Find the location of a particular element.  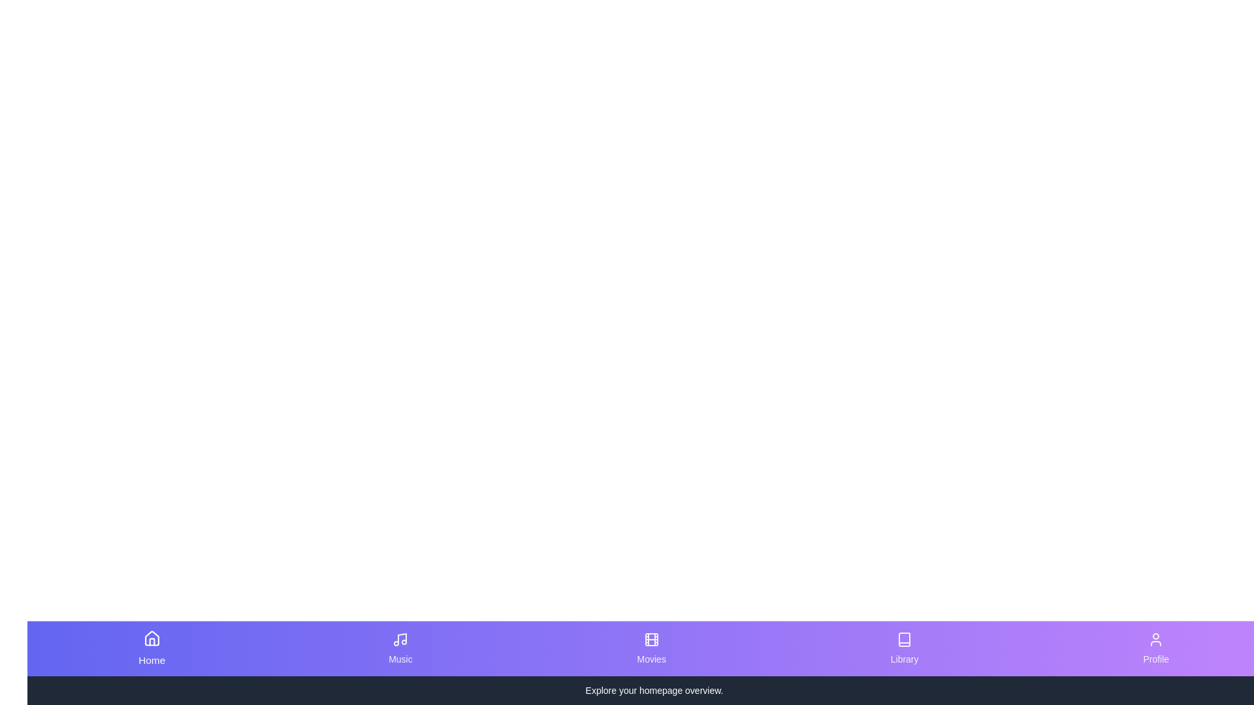

the tab corresponding to Library is located at coordinates (904, 649).